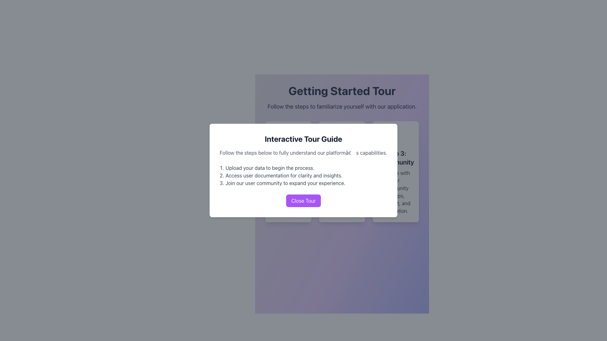  I want to click on the 'Close Tour' button, which has a purple background and white text, located at the bottom of the 'Interactive Tour Guide' dialog, so click(303, 201).